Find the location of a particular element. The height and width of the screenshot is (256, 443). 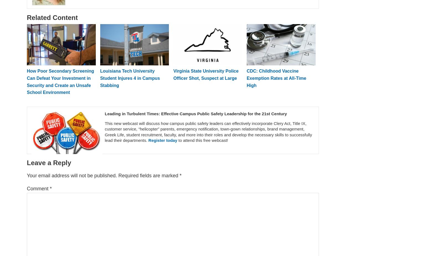

'Register today' is located at coordinates (148, 140).